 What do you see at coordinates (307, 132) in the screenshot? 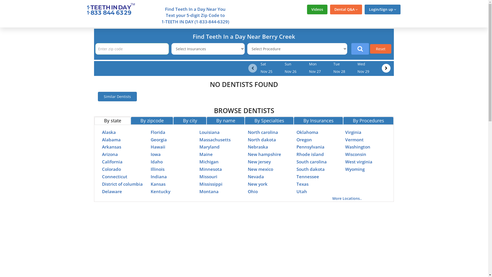
I see `'Oklahoma'` at bounding box center [307, 132].